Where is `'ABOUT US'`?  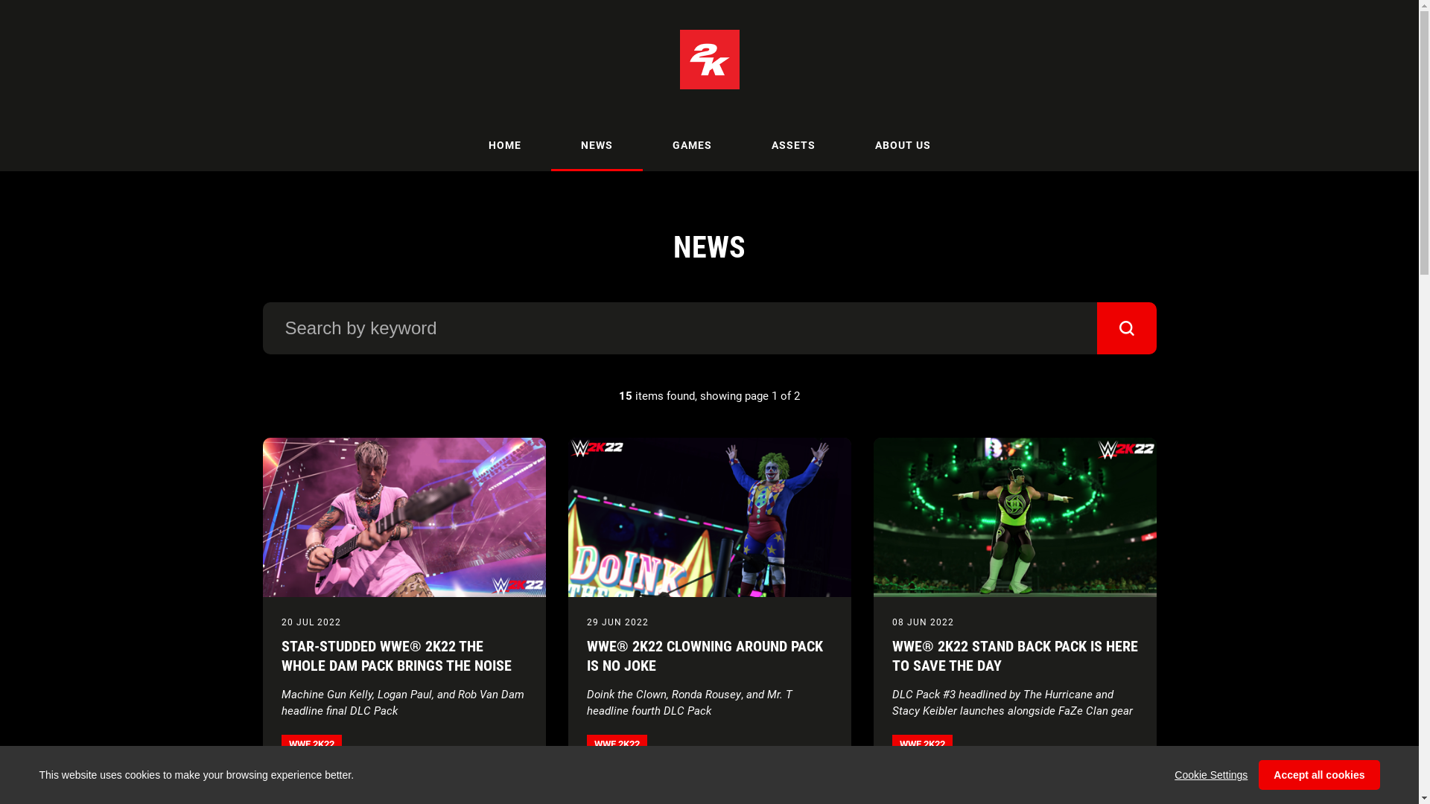 'ABOUT US' is located at coordinates (844, 145).